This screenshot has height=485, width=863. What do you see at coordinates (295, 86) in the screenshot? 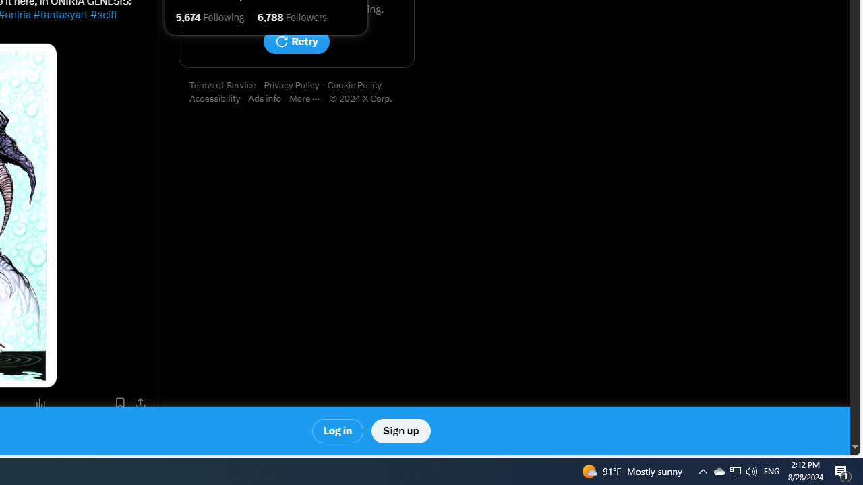
I see `'Privacy Policy'` at bounding box center [295, 86].